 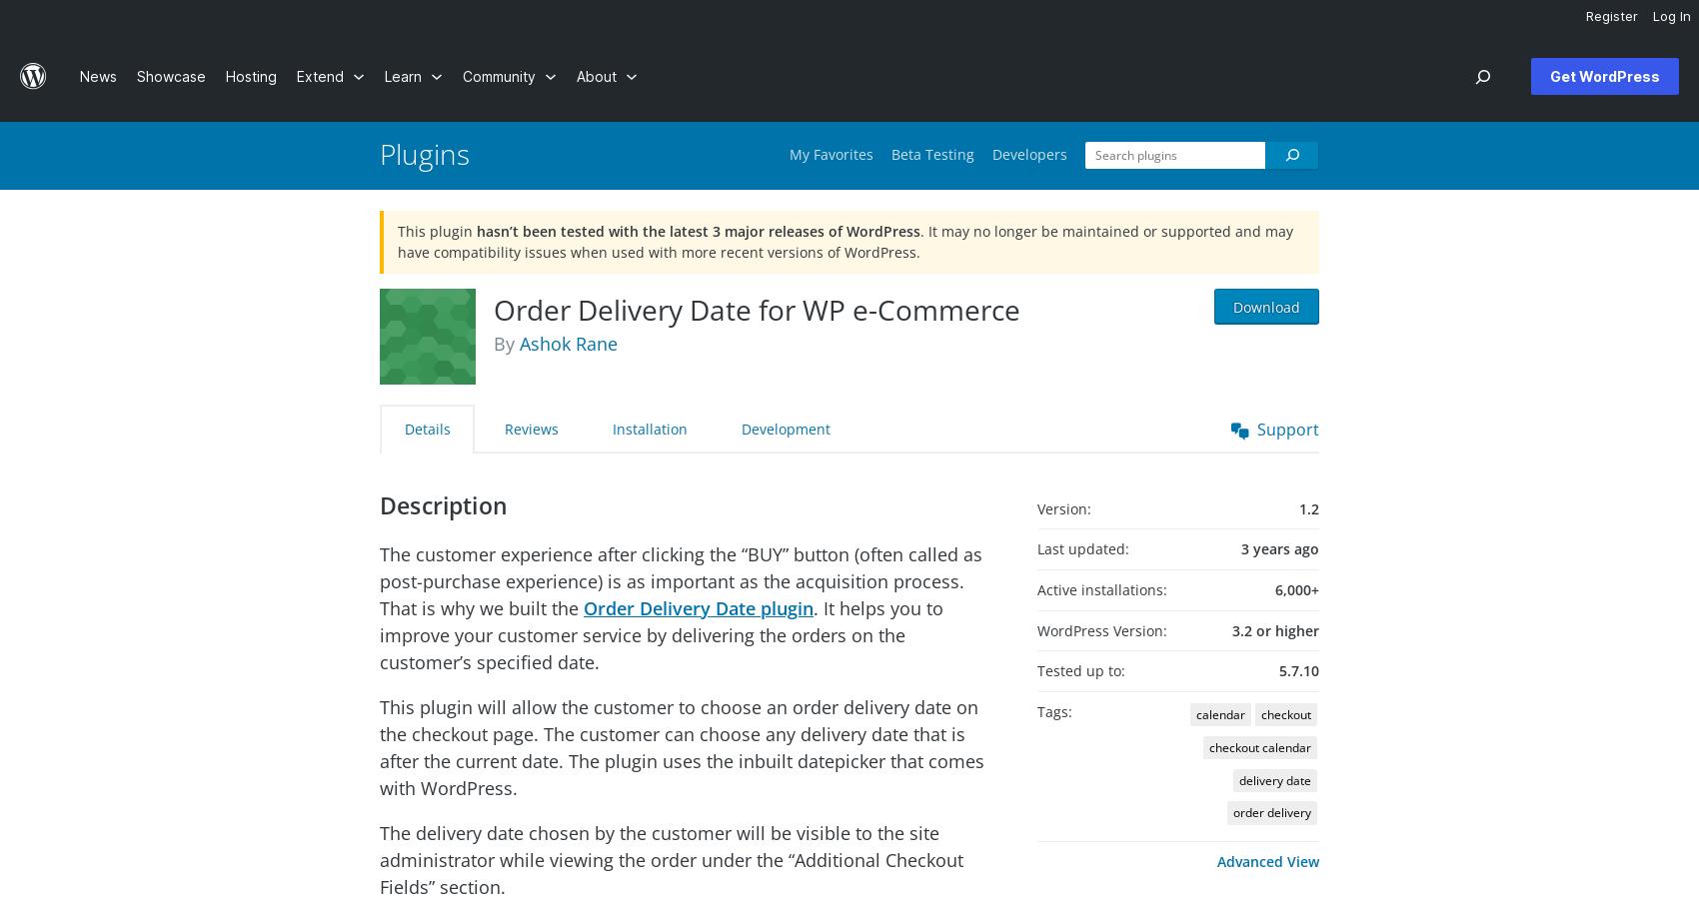 I want to click on 'Ashok Rane', so click(x=567, y=342).